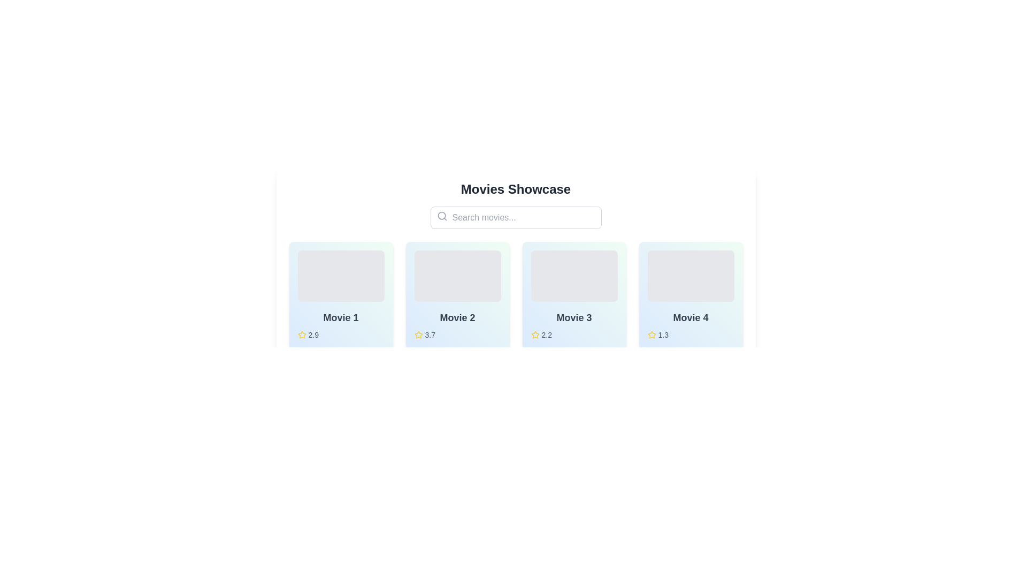 The image size is (1027, 578). What do you see at coordinates (340, 334) in the screenshot?
I see `the displayed rating on the Label with an icon for 'Movie 1', which is located beneath the title in the first card of the list` at bounding box center [340, 334].